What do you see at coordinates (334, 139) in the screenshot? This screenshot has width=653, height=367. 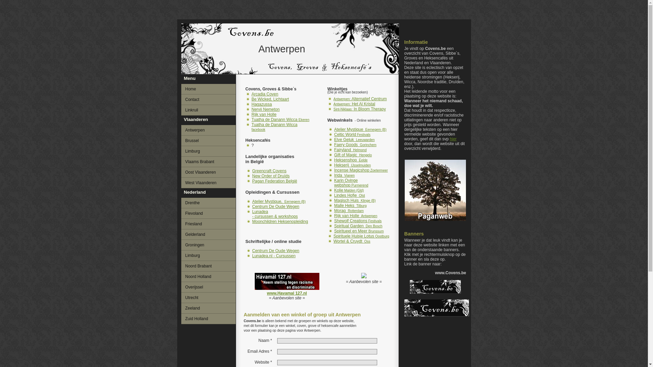 I see `'Elve Geluk  Leeuwarden'` at bounding box center [334, 139].